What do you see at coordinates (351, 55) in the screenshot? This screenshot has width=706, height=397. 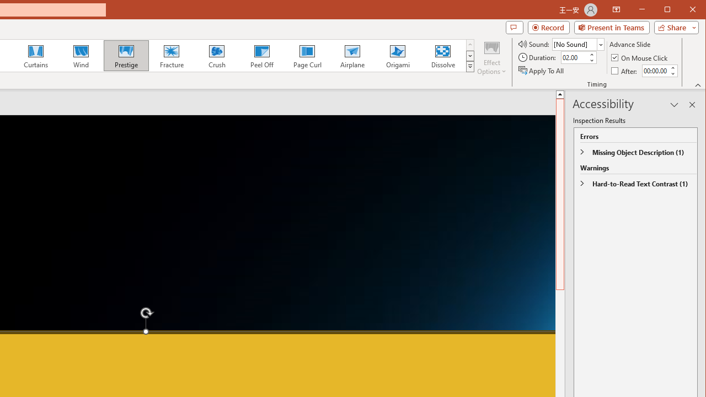 I see `'Airplane'` at bounding box center [351, 55].